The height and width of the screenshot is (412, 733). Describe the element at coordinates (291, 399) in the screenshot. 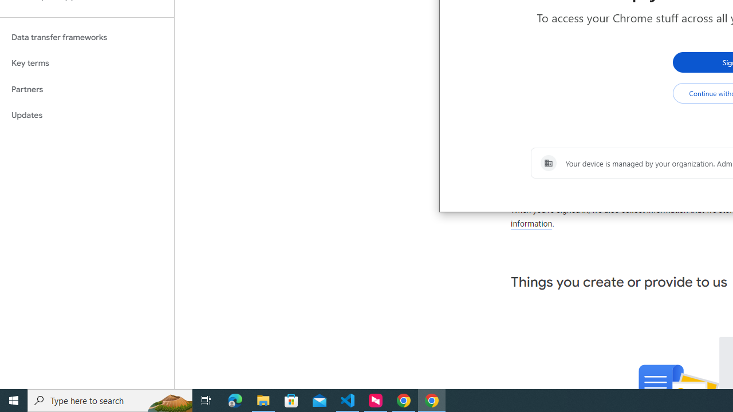

I see `'Microsoft Store'` at that location.